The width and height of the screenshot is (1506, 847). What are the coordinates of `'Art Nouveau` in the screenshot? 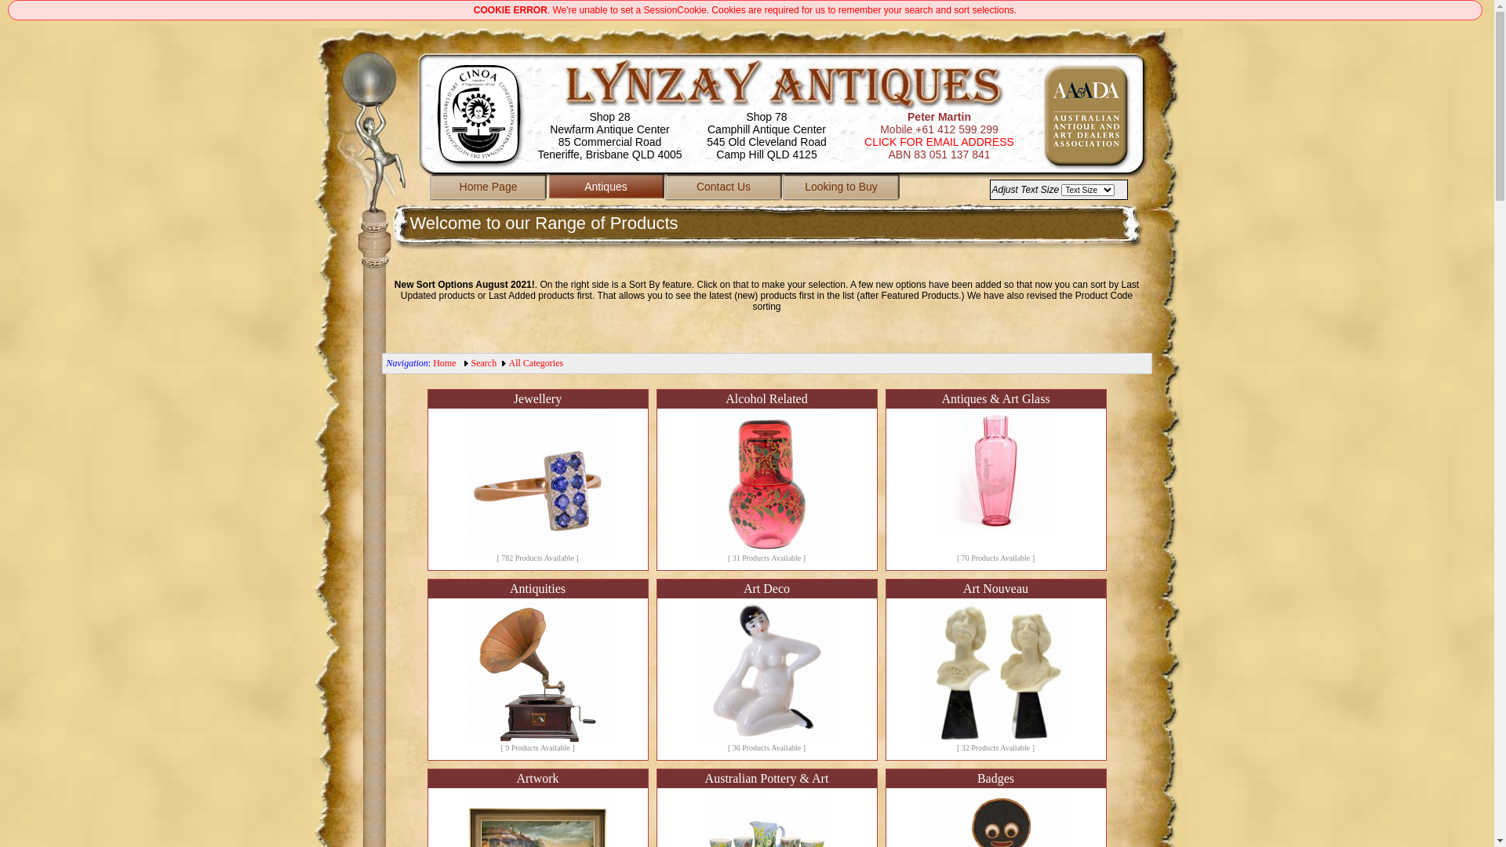 It's located at (994, 669).